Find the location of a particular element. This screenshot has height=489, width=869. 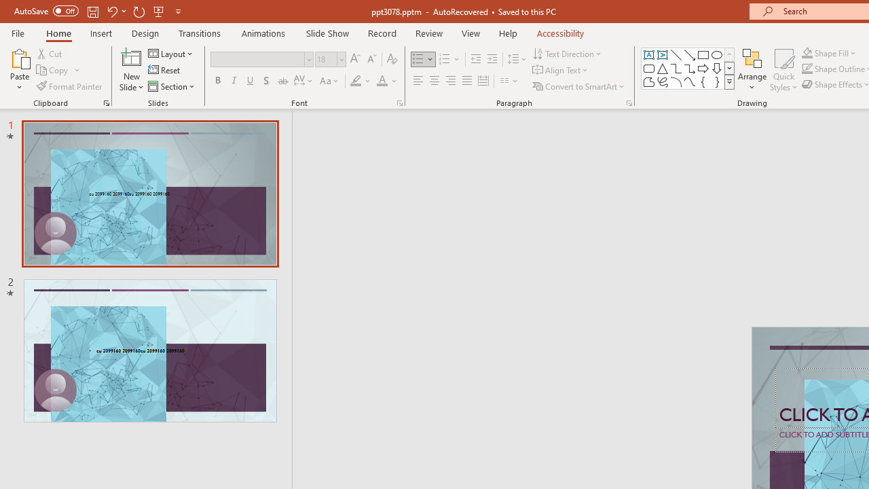

'Increase Font Size' is located at coordinates (354, 58).